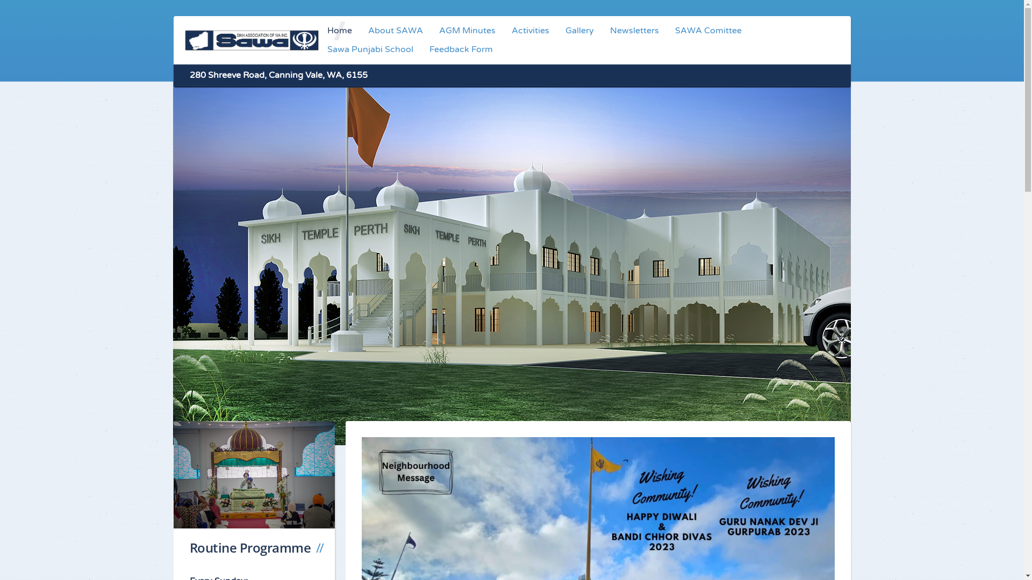  What do you see at coordinates (395, 30) in the screenshot?
I see `'About SAWA'` at bounding box center [395, 30].